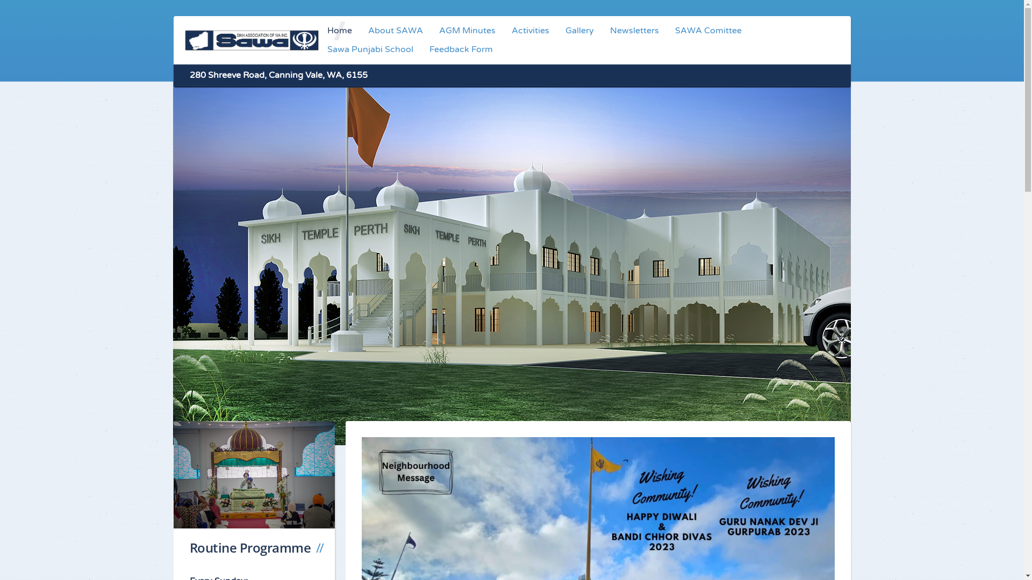  What do you see at coordinates (395, 30) in the screenshot?
I see `'About SAWA'` at bounding box center [395, 30].